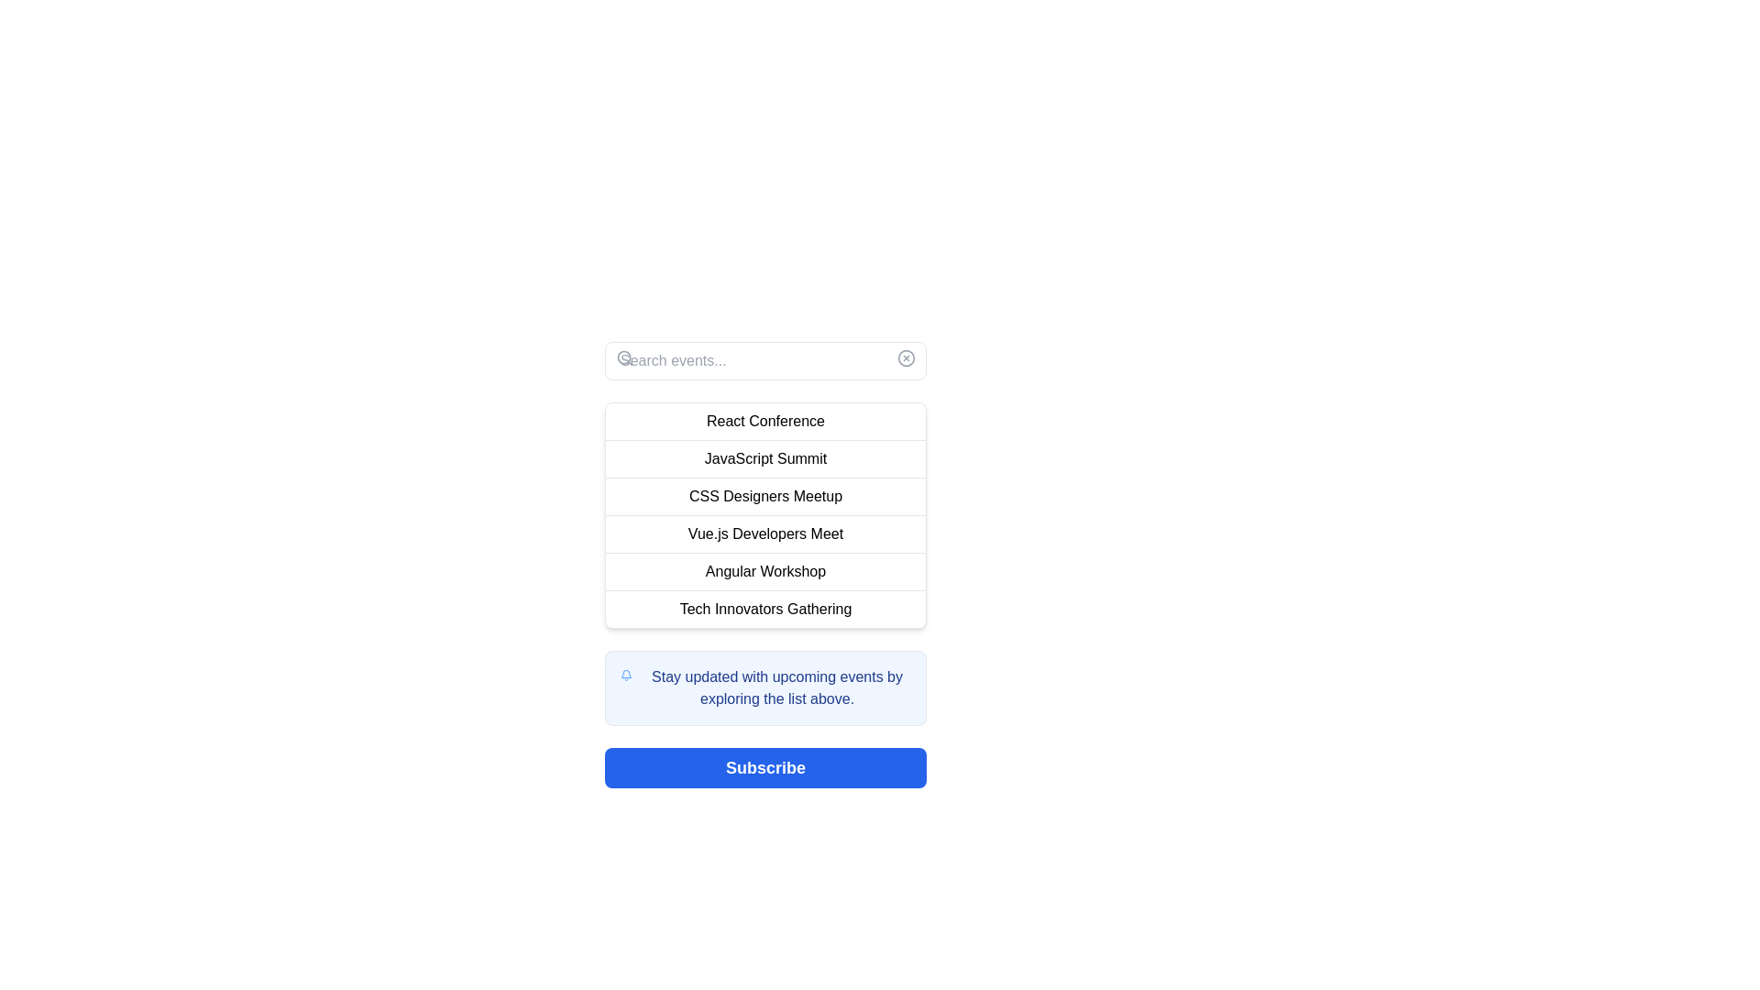 This screenshot has width=1760, height=990. Describe the element at coordinates (765, 496) in the screenshot. I see `the List Item element displaying 'CSS Designers Meetup'` at that location.